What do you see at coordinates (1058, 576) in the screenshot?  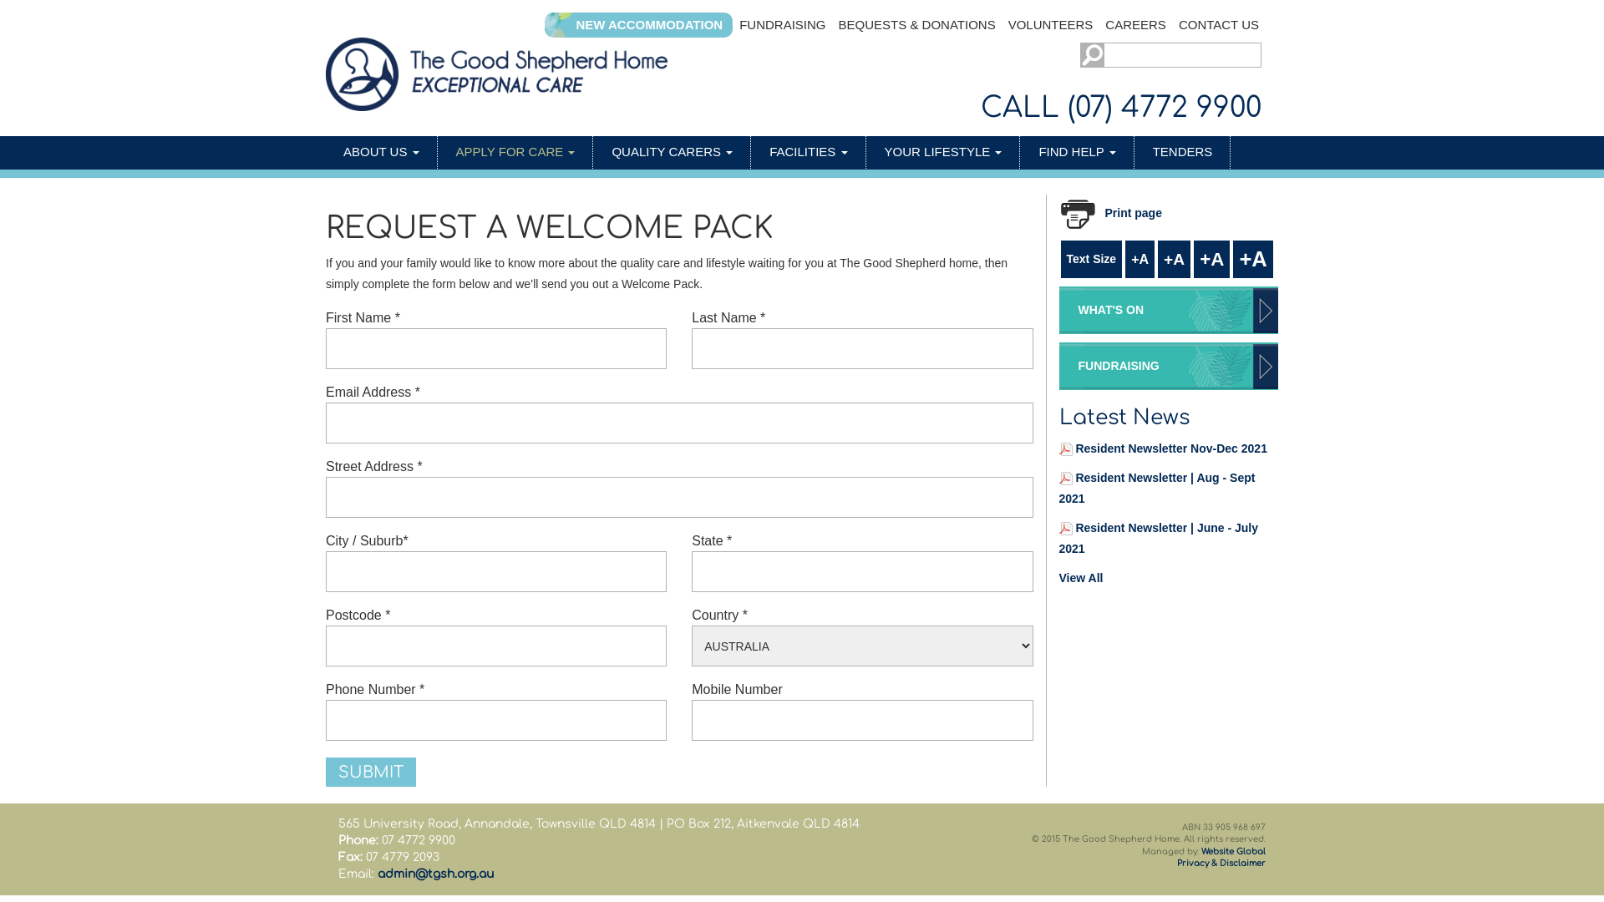 I see `'View All'` at bounding box center [1058, 576].